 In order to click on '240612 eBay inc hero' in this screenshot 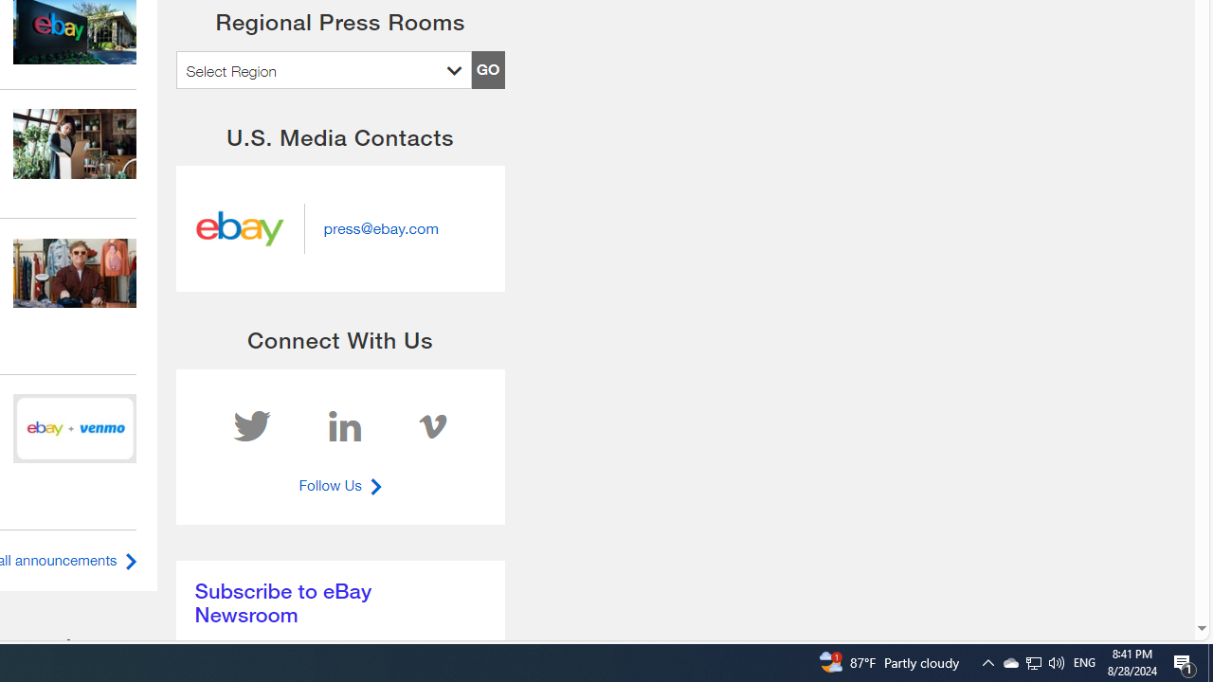, I will do `click(75, 428)`.